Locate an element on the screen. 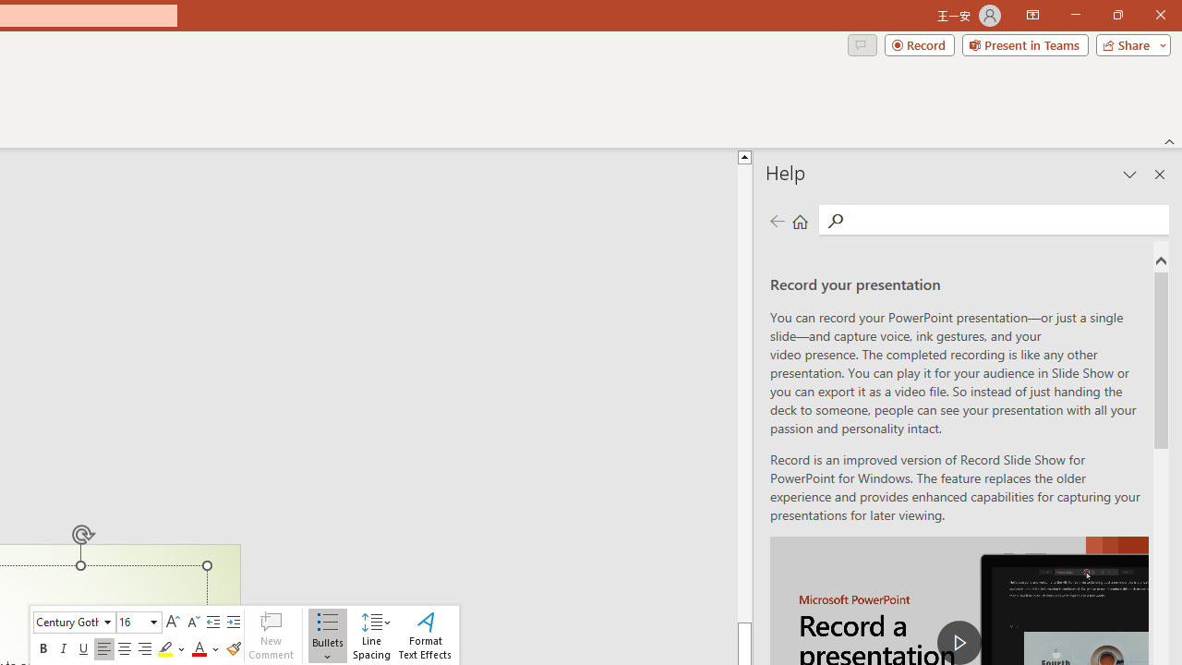 This screenshot has width=1182, height=665. 'play Record a Presentation' is located at coordinates (959, 641).